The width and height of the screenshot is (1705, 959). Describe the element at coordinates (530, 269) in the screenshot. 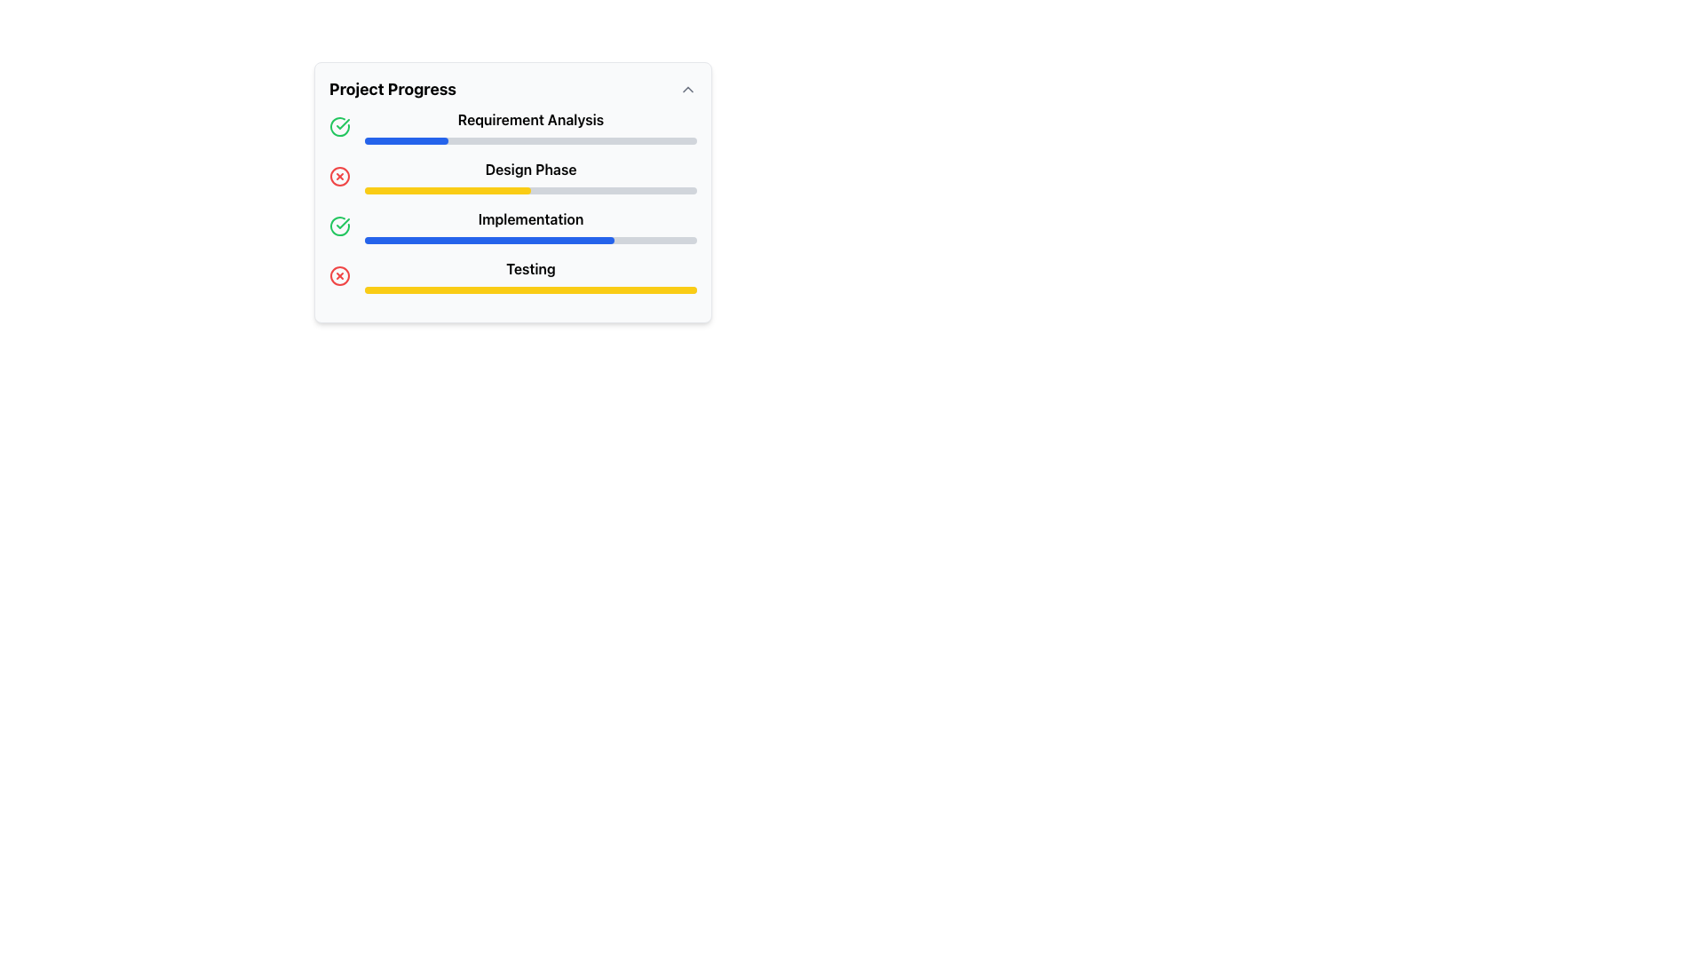

I see `text of the label indicating the title or stage name of a project phase in the last row of the 'Project Progress' section, aligned with the progress bar below and the status icon to its left` at that location.